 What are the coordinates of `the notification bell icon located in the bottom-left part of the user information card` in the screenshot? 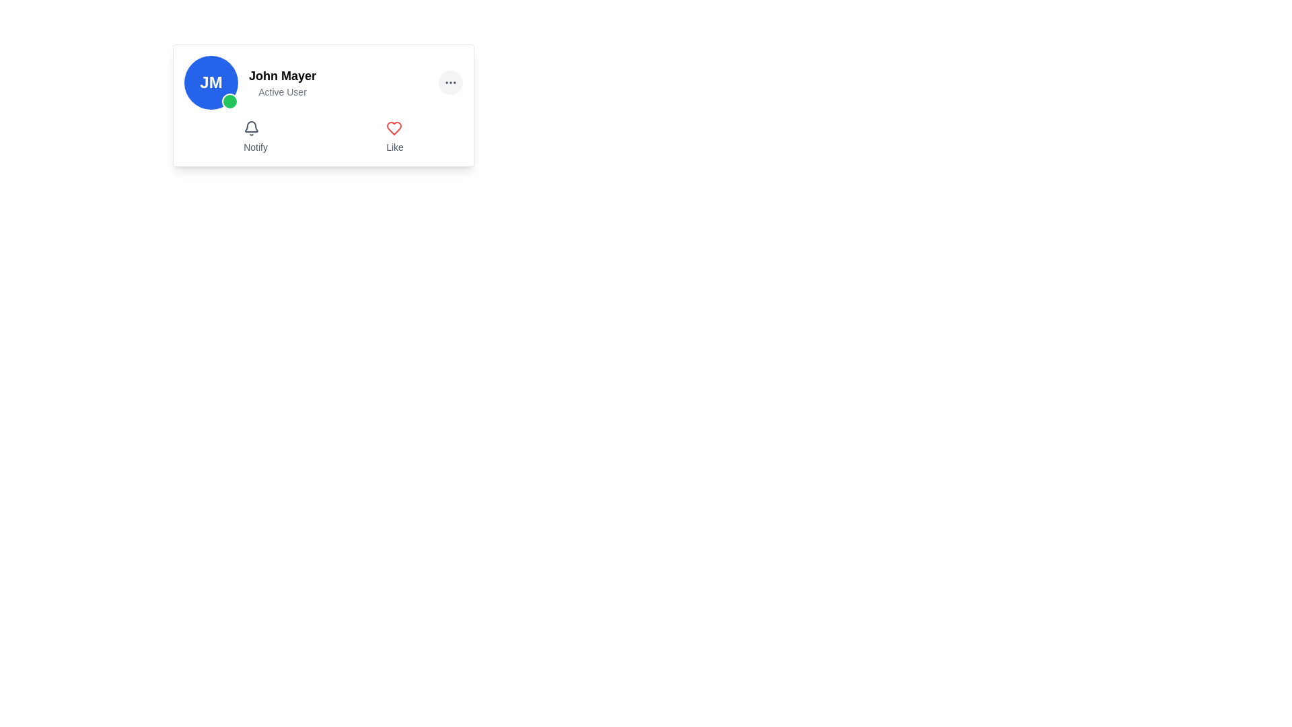 It's located at (252, 129).